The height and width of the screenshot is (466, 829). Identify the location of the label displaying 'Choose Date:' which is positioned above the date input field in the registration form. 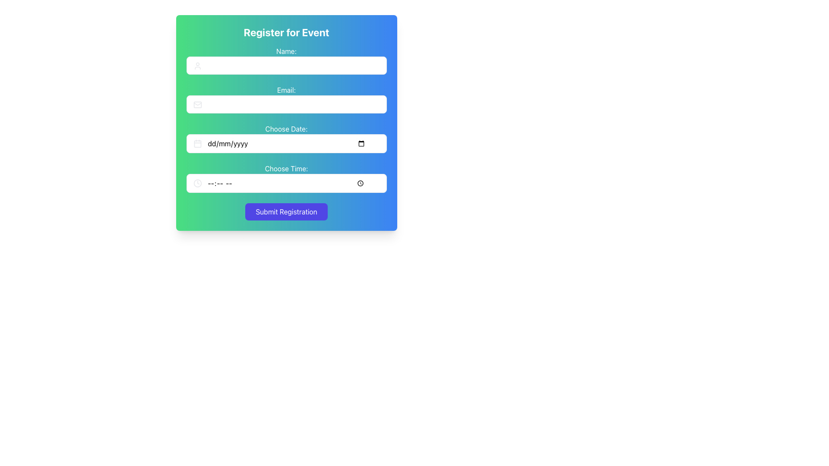
(286, 129).